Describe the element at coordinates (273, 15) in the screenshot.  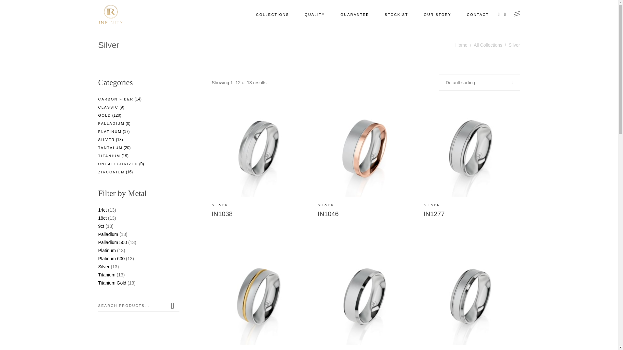
I see `'COLLECTIONS'` at that location.